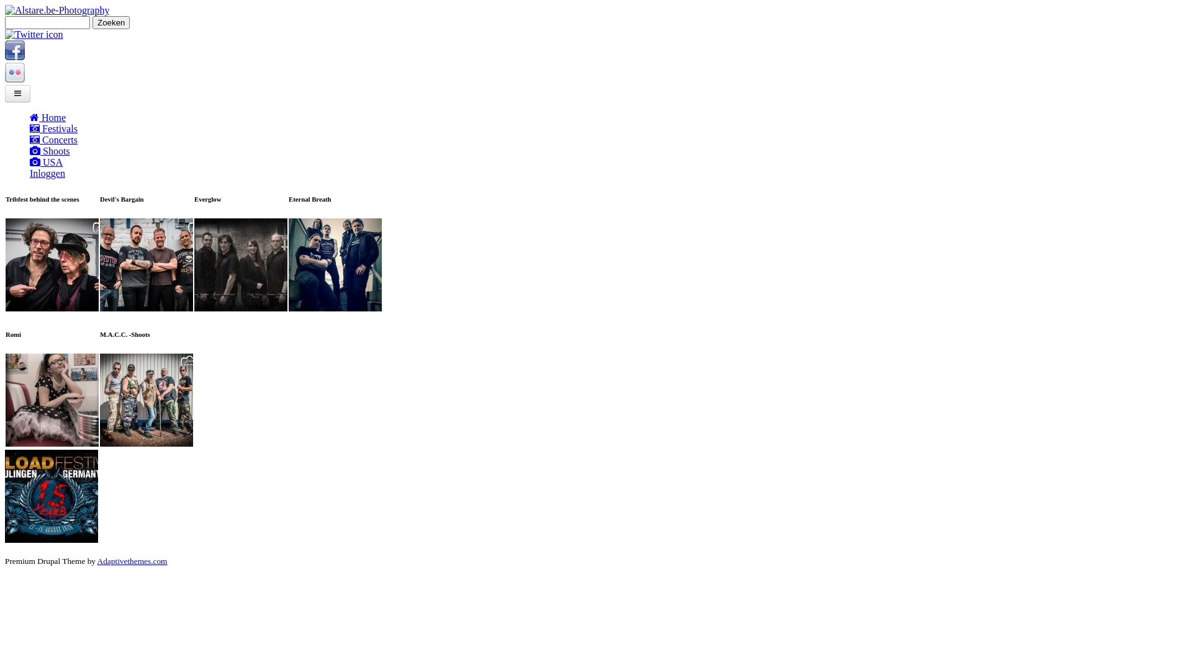 Image resolution: width=1192 pixels, height=670 pixels. Describe the element at coordinates (15, 56) in the screenshot. I see `'Visit Alstare.be on Facebook'` at that location.